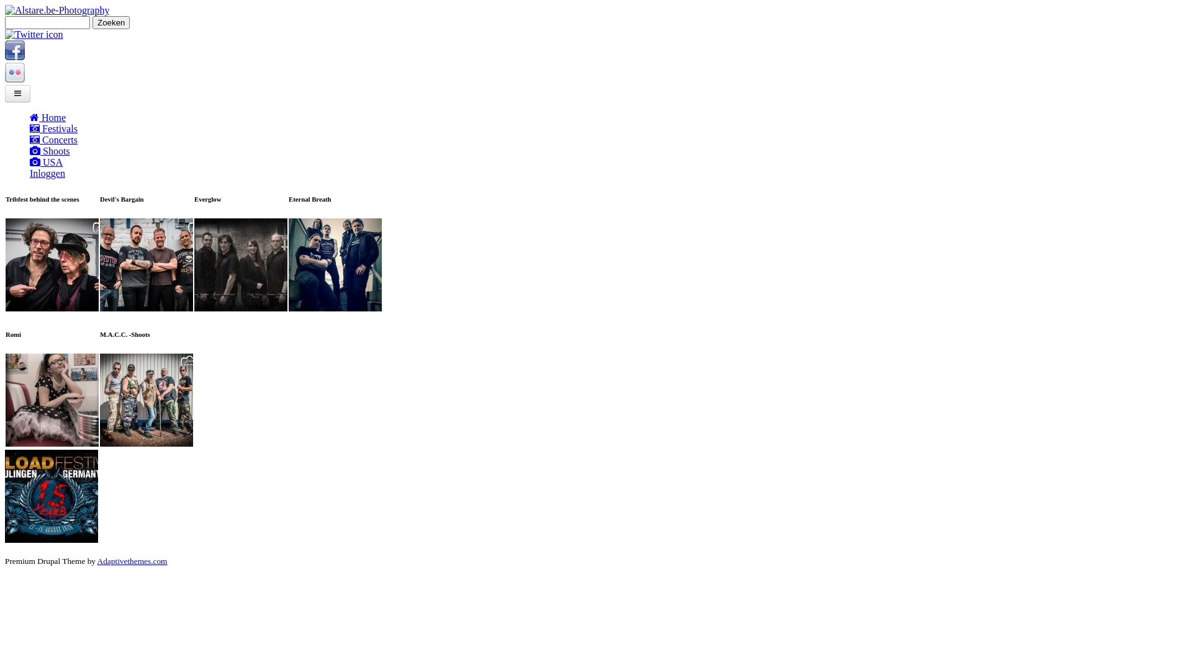 Image resolution: width=1192 pixels, height=670 pixels. Describe the element at coordinates (15, 56) in the screenshot. I see `'Visit Alstare.be on Facebook'` at that location.